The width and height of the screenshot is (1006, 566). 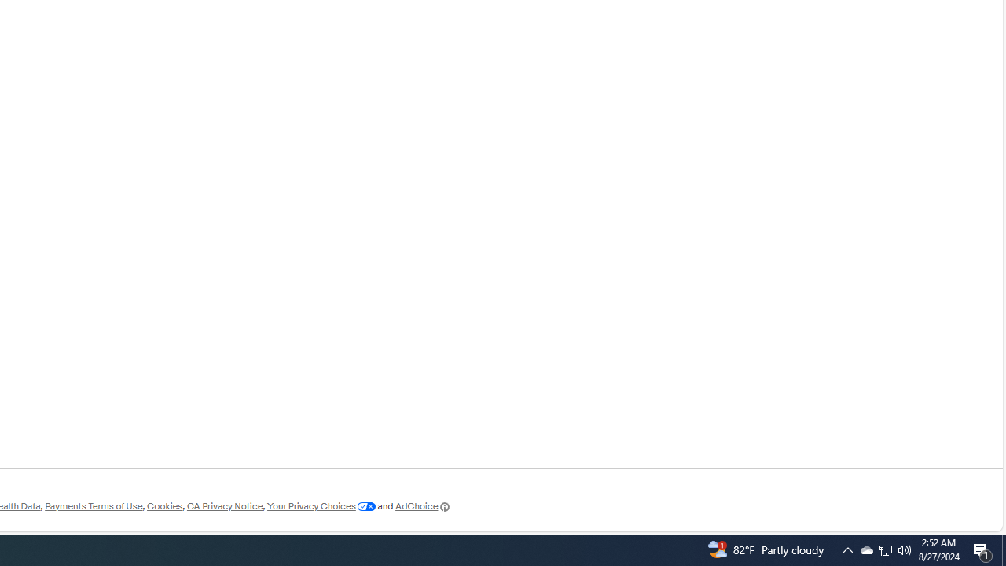 I want to click on 'AdChoice', so click(x=423, y=506).